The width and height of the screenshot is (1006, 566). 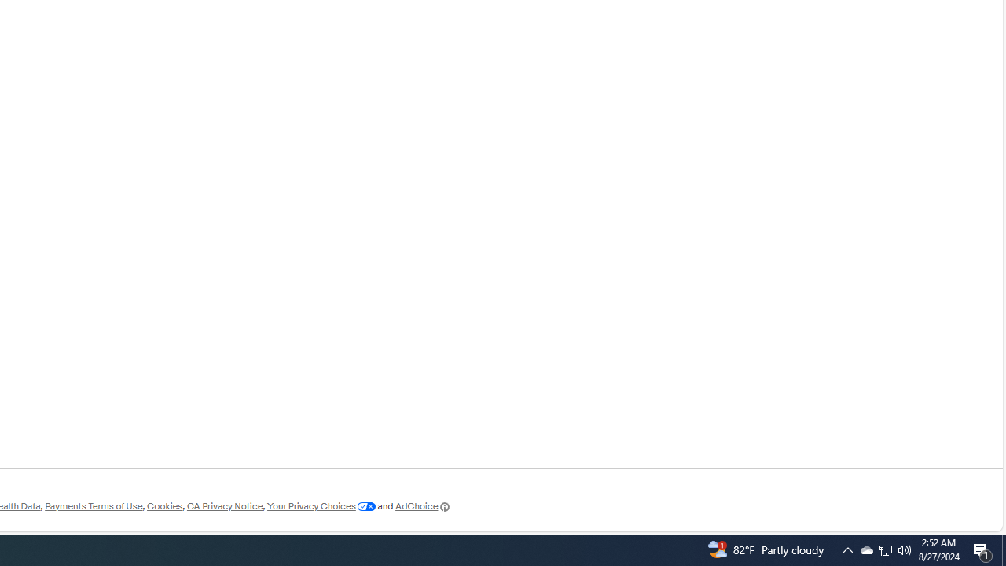 I want to click on 'AdChoice', so click(x=423, y=506).